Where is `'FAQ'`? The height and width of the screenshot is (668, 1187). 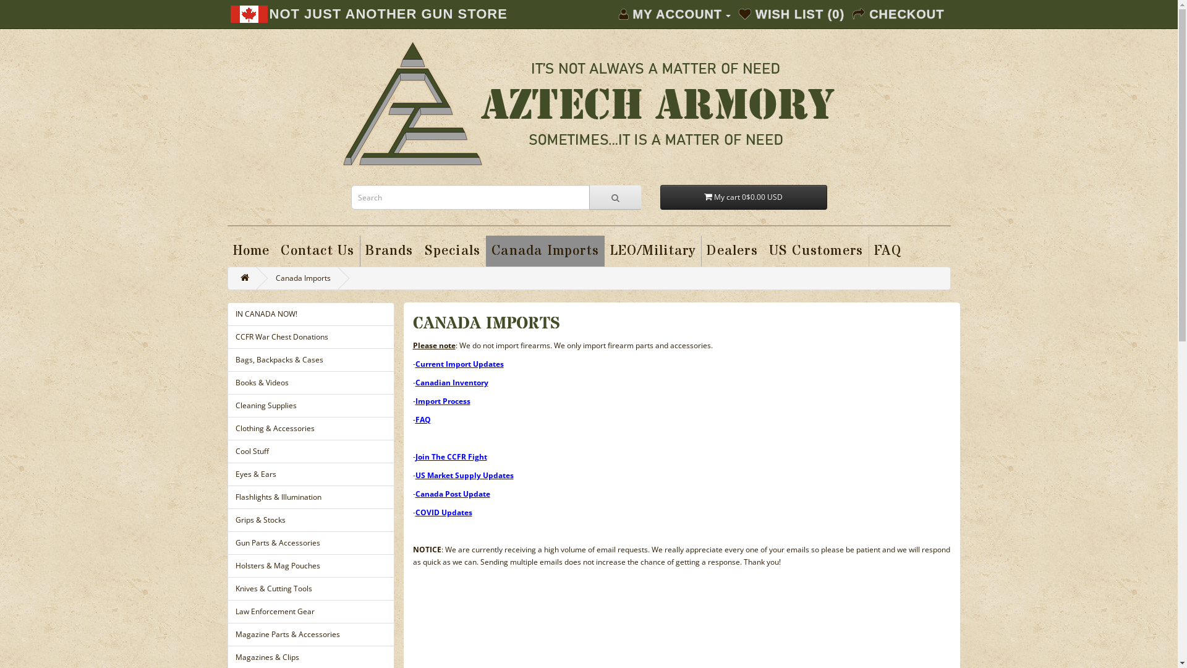 'FAQ' is located at coordinates (415, 419).